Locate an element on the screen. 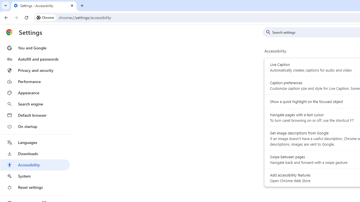 Image resolution: width=360 pixels, height=202 pixels. 'Appearance' is located at coordinates (35, 93).